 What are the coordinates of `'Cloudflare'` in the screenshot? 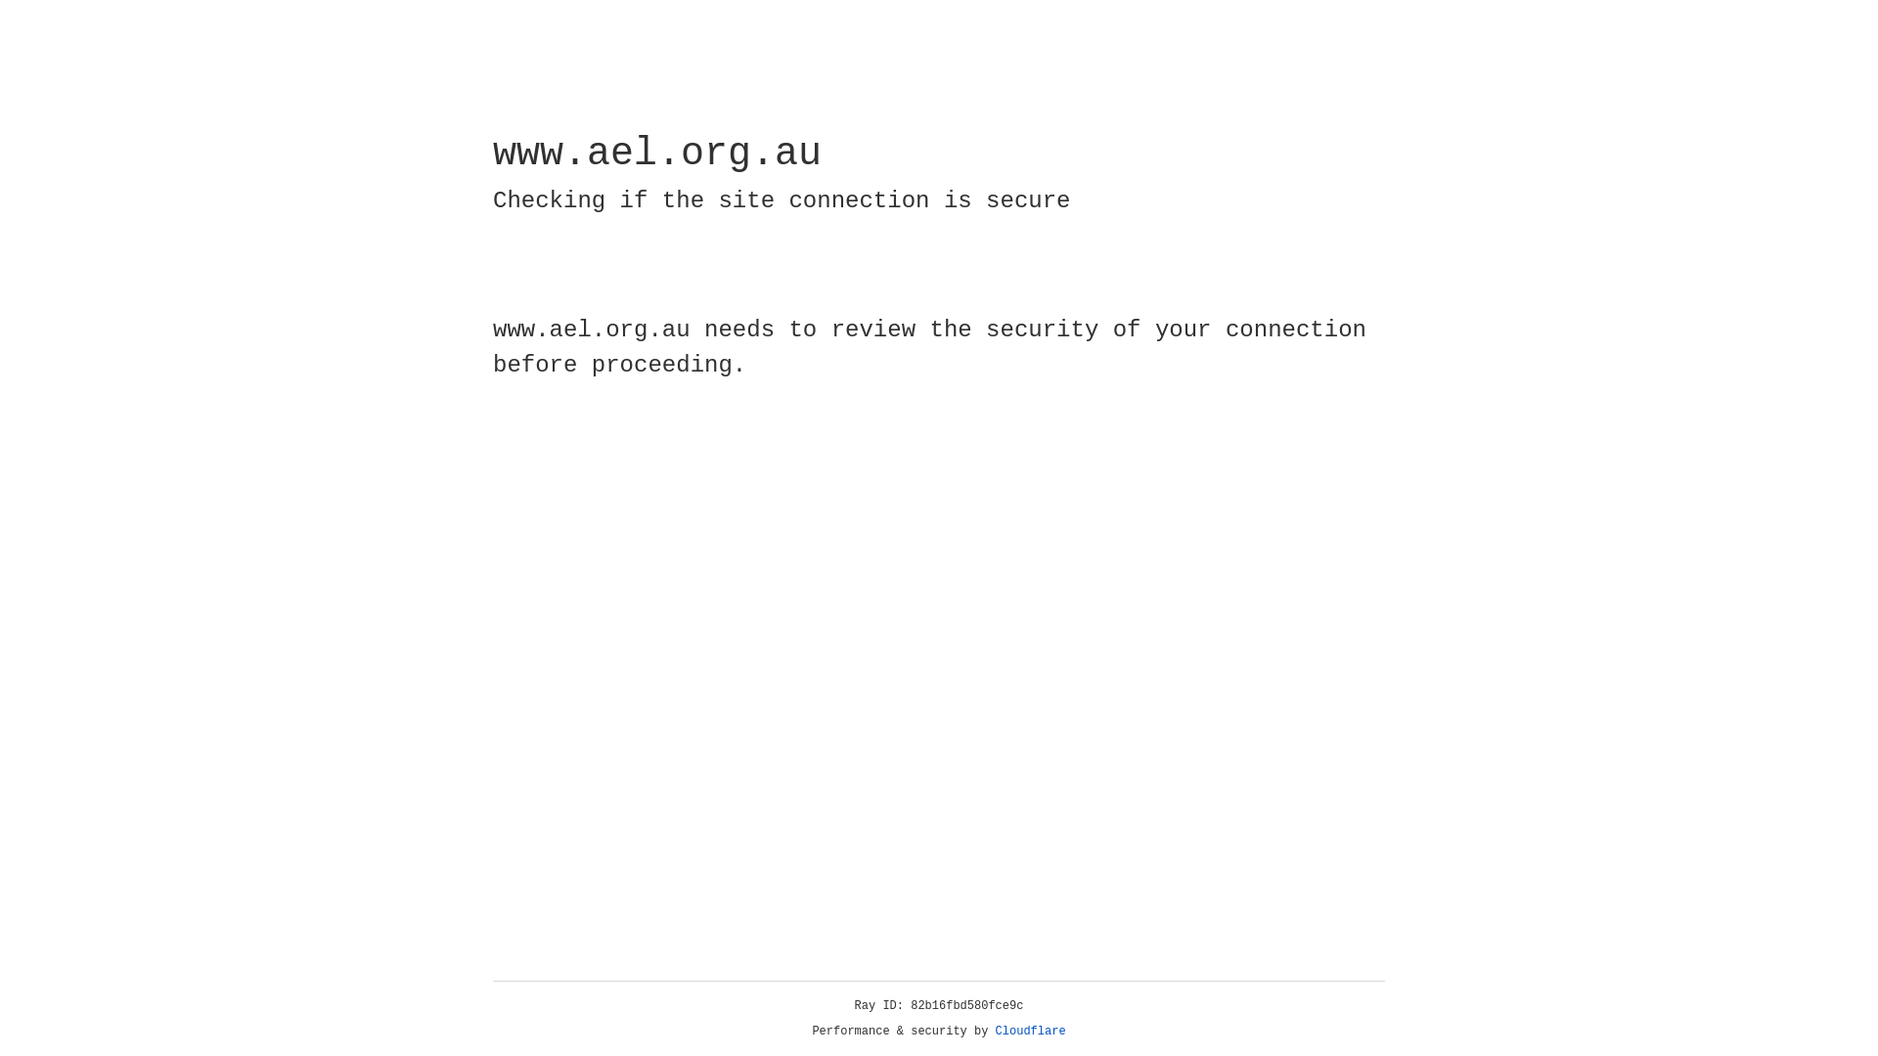 It's located at (1030, 1031).